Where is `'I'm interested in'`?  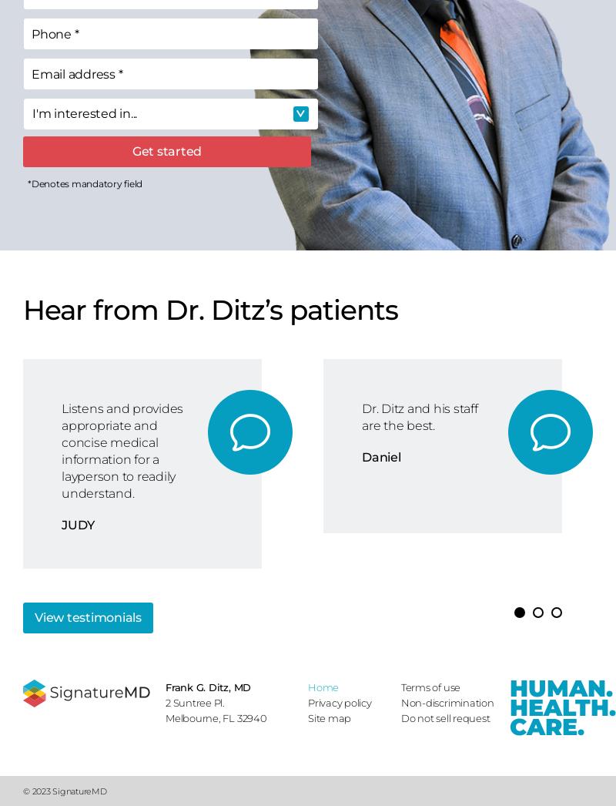 'I'm interested in' is located at coordinates (30, 113).